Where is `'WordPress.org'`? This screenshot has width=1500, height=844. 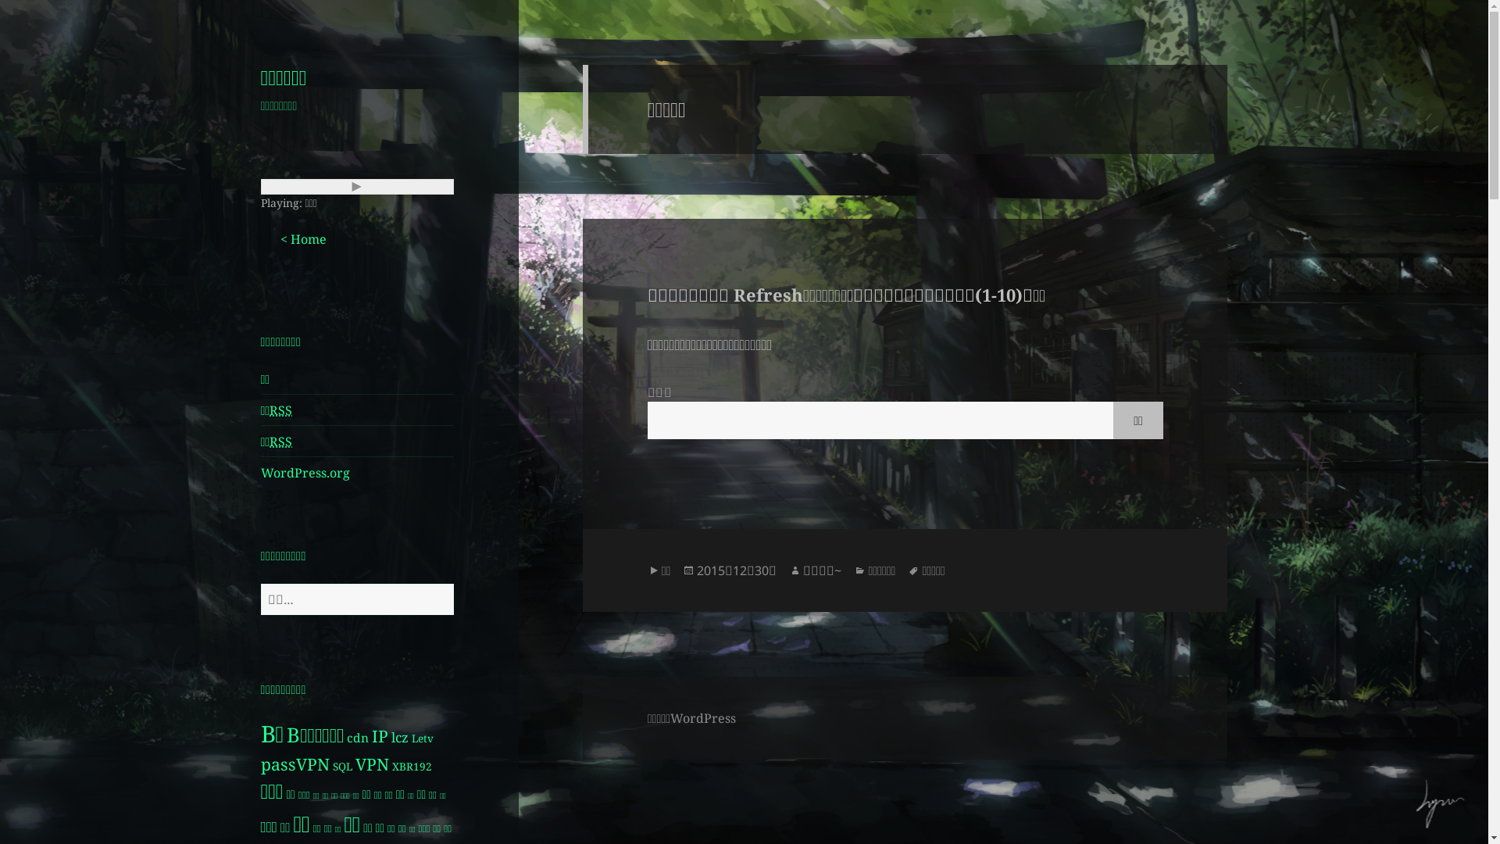 'WordPress.org' is located at coordinates (305, 472).